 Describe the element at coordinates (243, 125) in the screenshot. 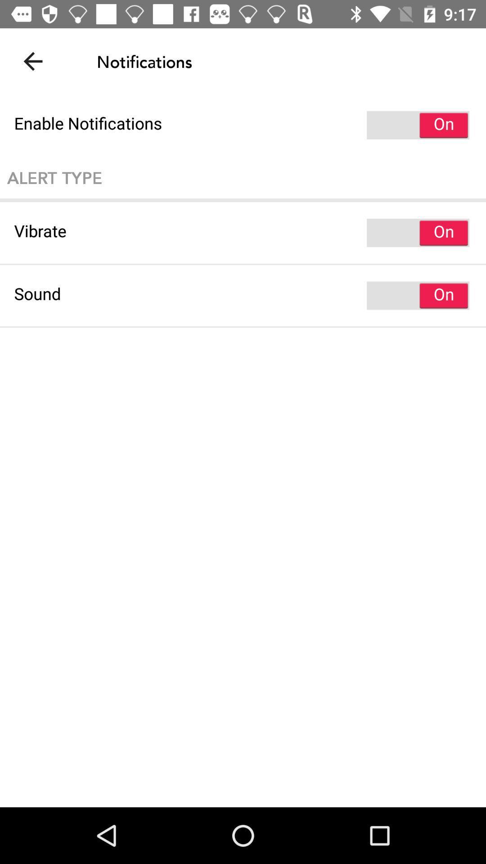

I see `the icon above alert type icon` at that location.